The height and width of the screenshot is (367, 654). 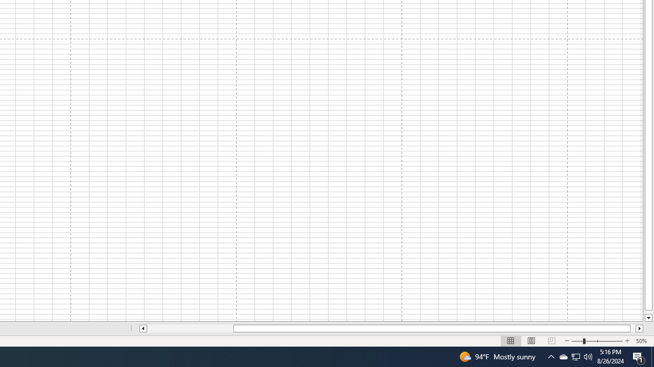 I want to click on 'Page left', so click(x=190, y=328).